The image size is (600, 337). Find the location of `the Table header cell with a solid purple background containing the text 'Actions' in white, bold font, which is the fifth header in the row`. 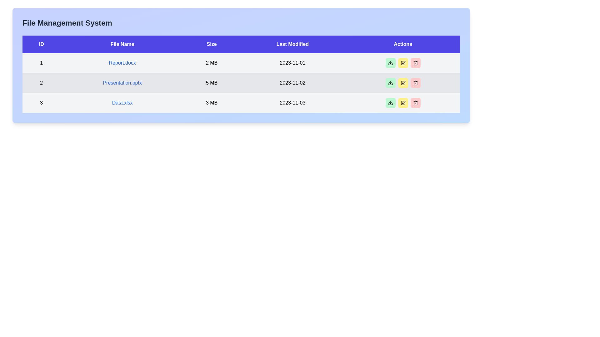

the Table header cell with a solid purple background containing the text 'Actions' in white, bold font, which is the fifth header in the row is located at coordinates (403, 44).